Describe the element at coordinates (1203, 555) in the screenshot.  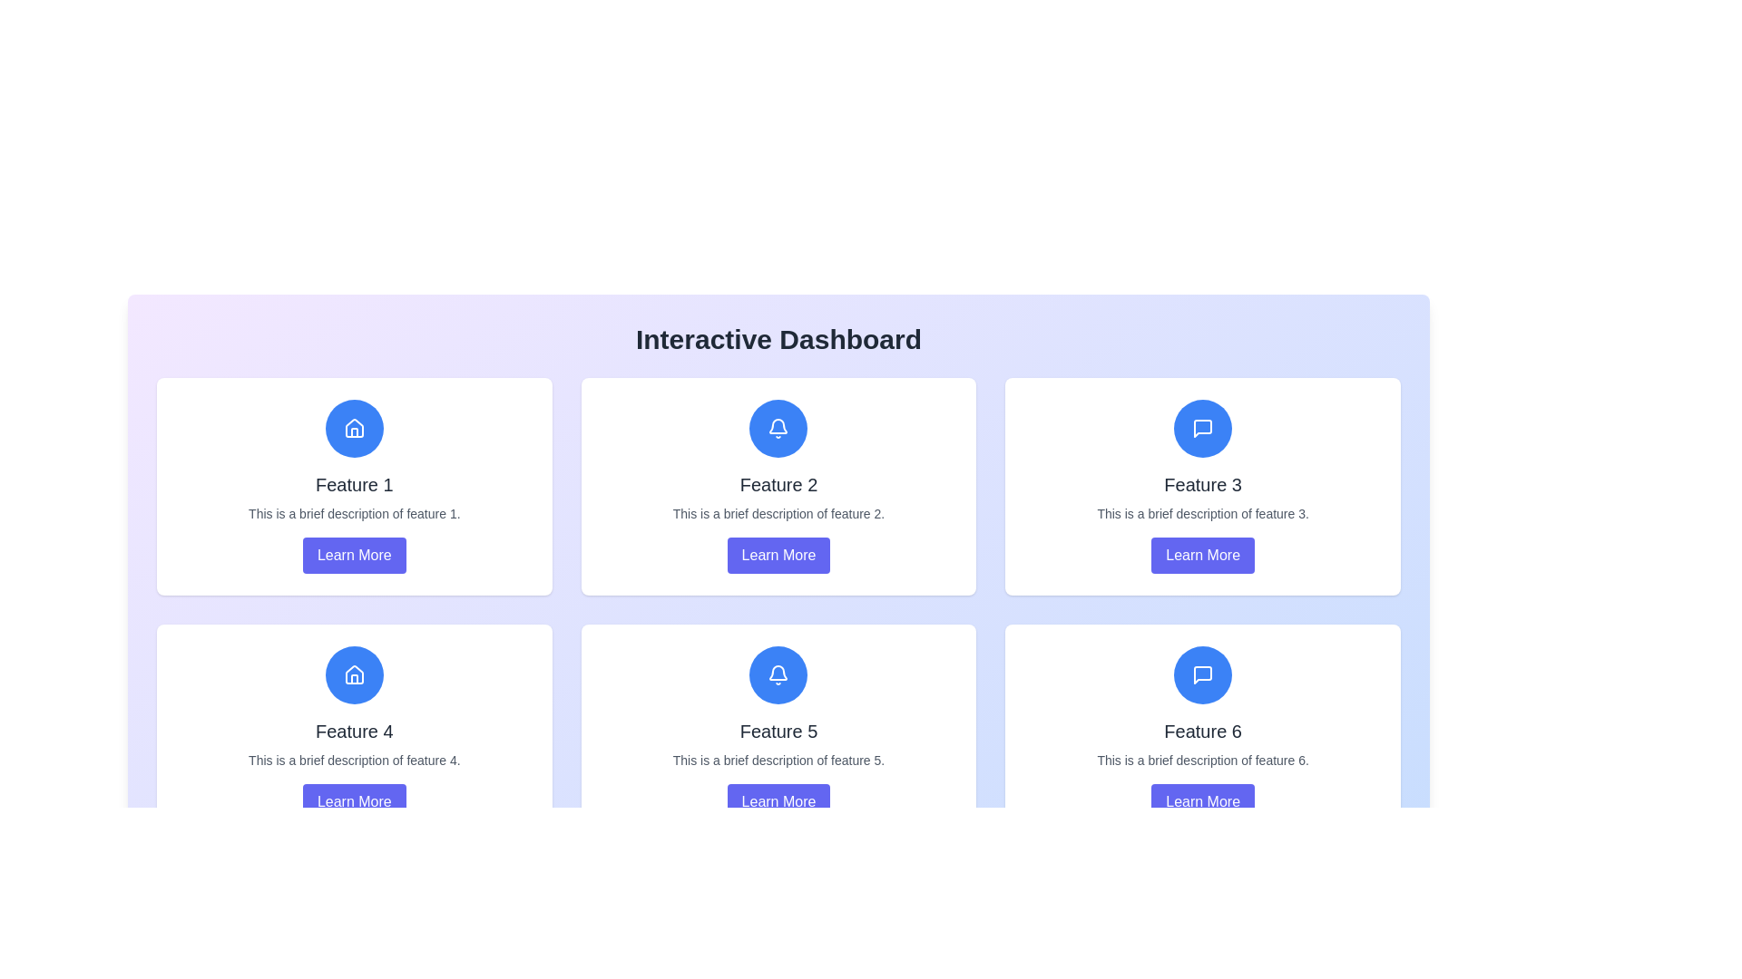
I see `the 'Feature 3' button located in the third column of the top row to change its appearance` at that location.